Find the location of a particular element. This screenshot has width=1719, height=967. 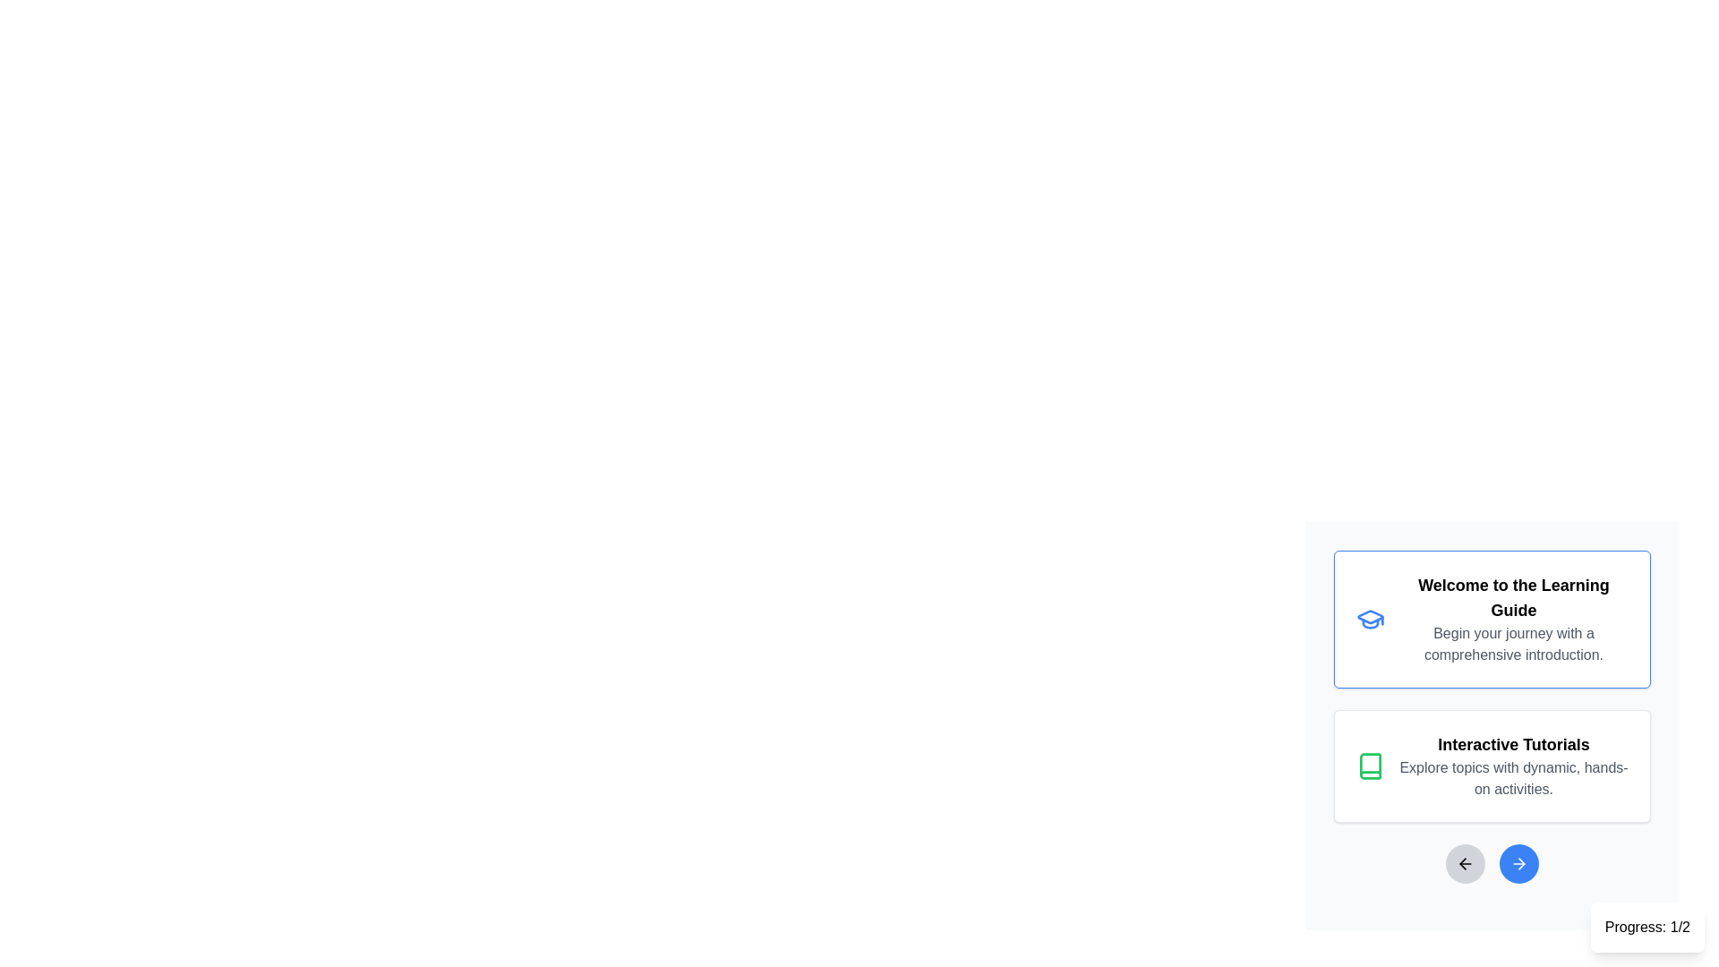

the open book icon with a green outline in the 'Interactive Tutorials' section, located to the left of the 'Interactive Tutorials' text is located at coordinates (1370, 766).